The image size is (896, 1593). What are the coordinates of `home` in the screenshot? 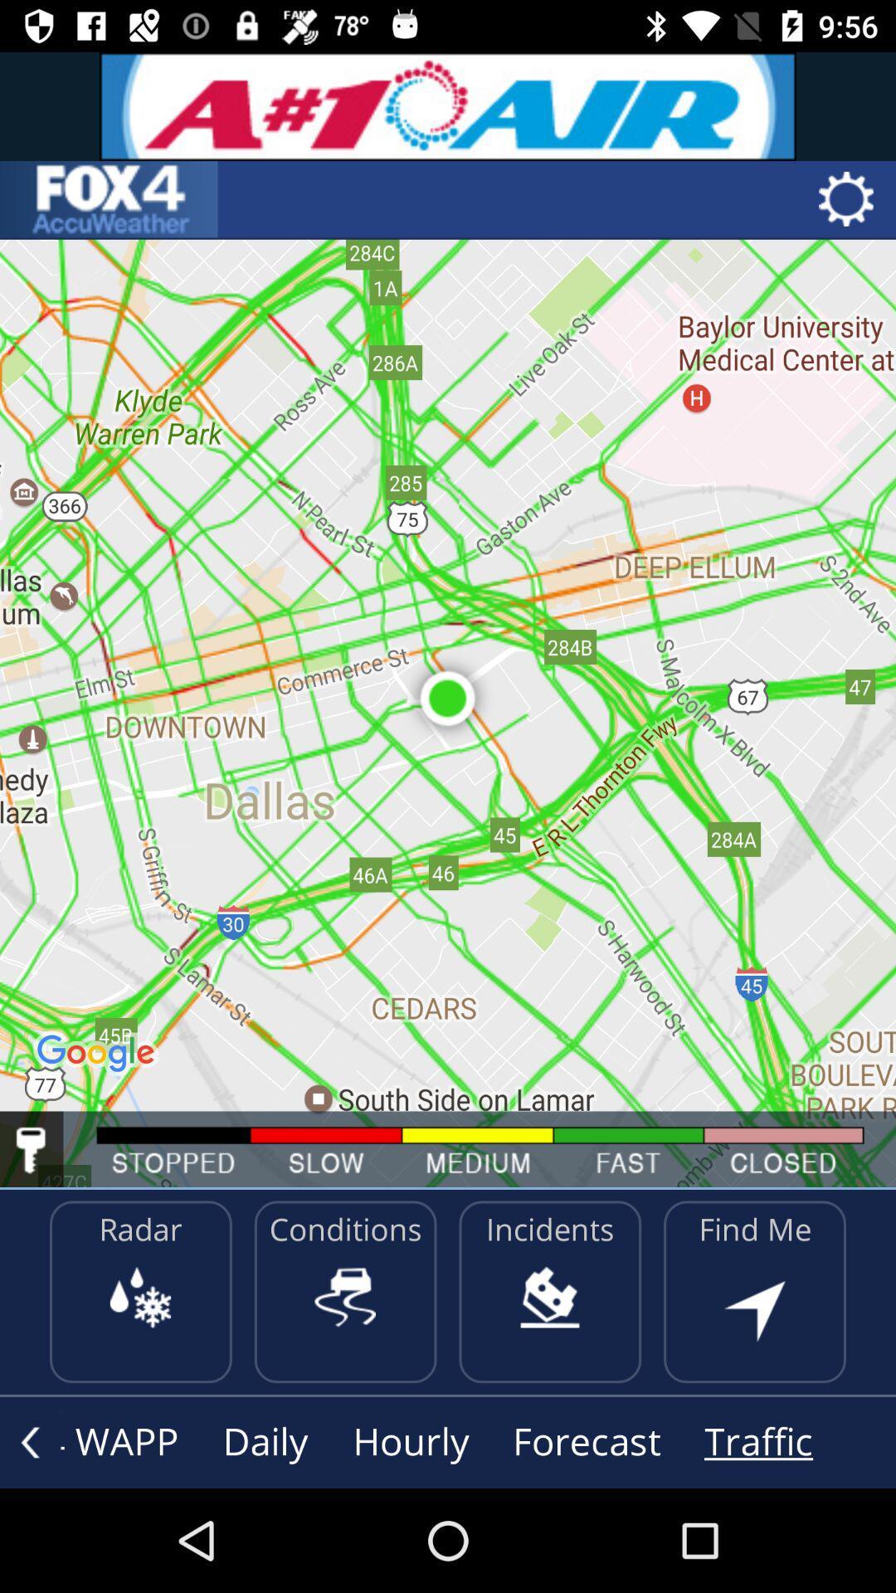 It's located at (109, 199).